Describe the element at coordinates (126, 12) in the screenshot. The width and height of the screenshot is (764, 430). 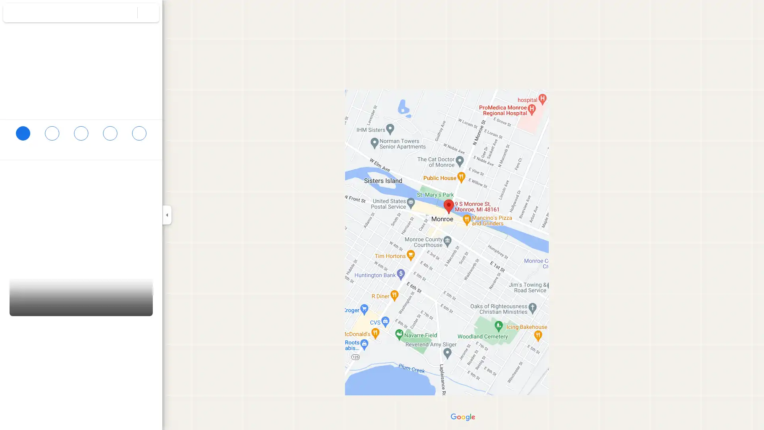
I see `Search` at that location.